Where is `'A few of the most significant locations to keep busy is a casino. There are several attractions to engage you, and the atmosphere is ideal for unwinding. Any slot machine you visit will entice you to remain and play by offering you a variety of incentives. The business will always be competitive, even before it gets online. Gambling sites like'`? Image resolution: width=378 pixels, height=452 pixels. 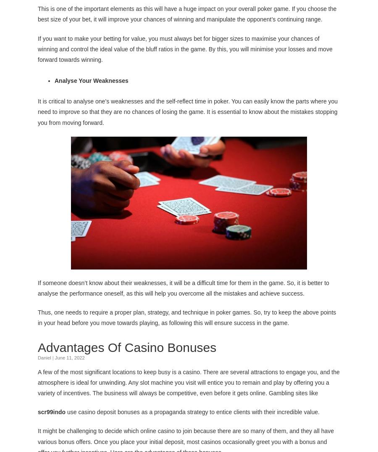
'A few of the most significant locations to keep busy is a casino. There are several attractions to engage you, and the atmosphere is ideal for unwinding. Any slot machine you visit will entice you to remain and play by offering you a variety of incentives. The business will always be competitive, even before it gets online. Gambling sites like' is located at coordinates (189, 381).